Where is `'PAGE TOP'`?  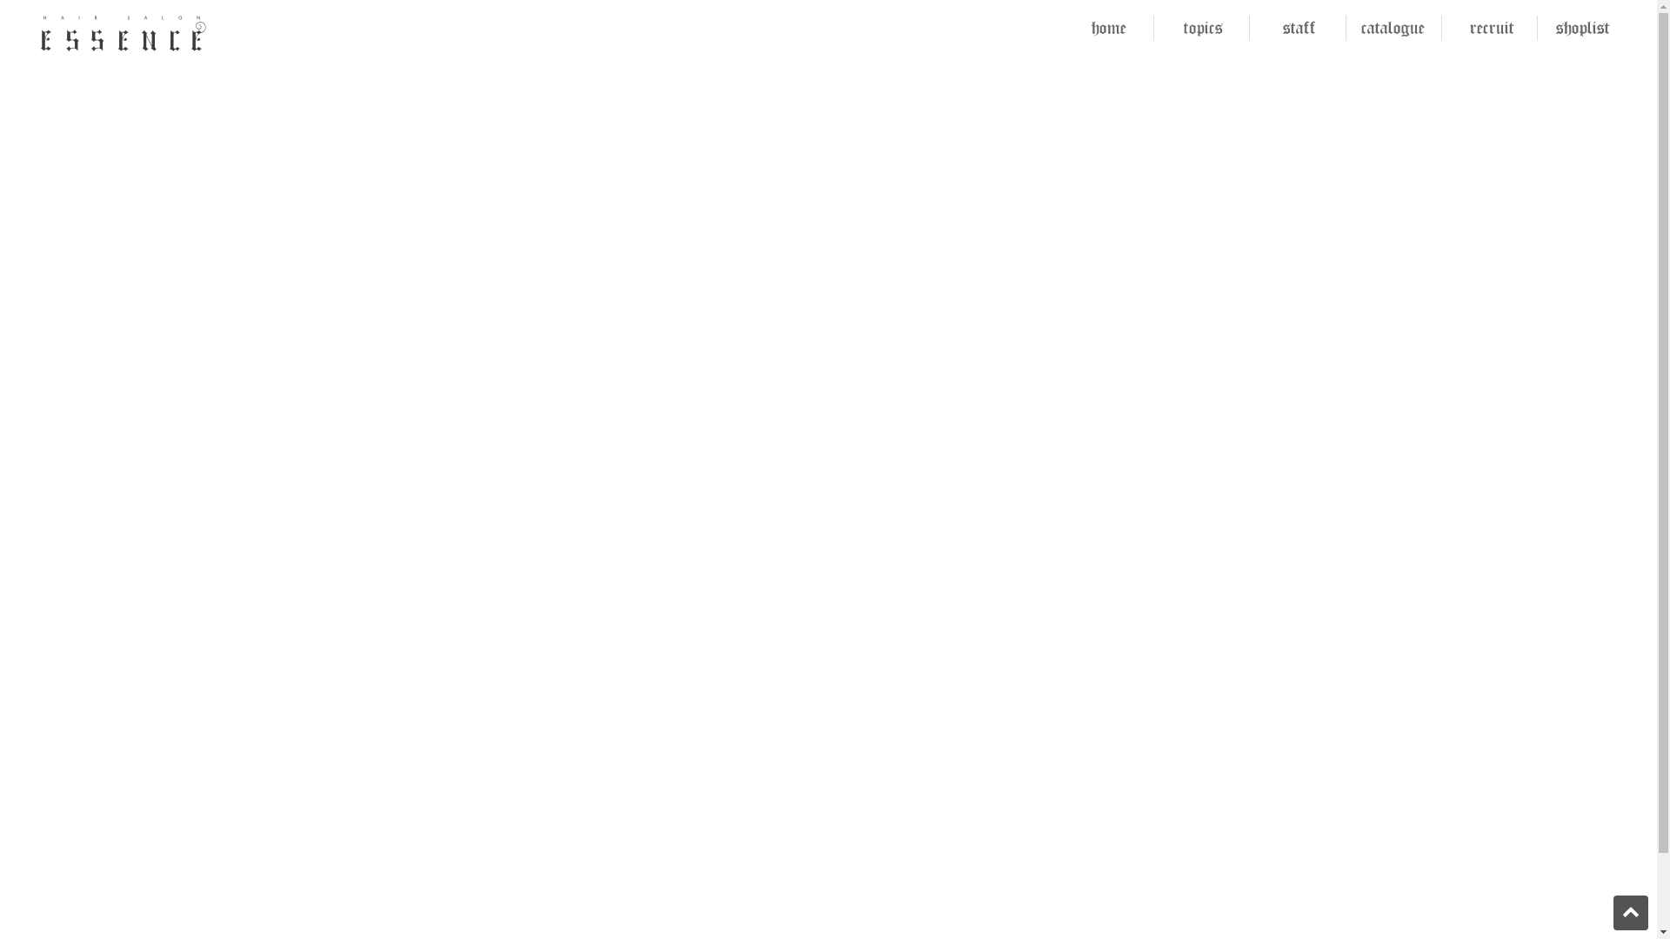 'PAGE TOP' is located at coordinates (1612, 911).